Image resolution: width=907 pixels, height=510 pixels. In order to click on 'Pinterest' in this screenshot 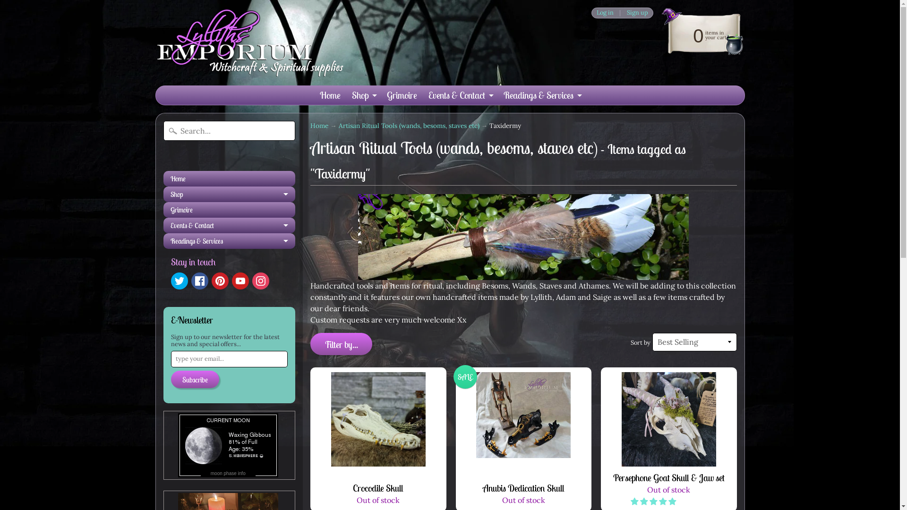, I will do `click(211, 280)`.